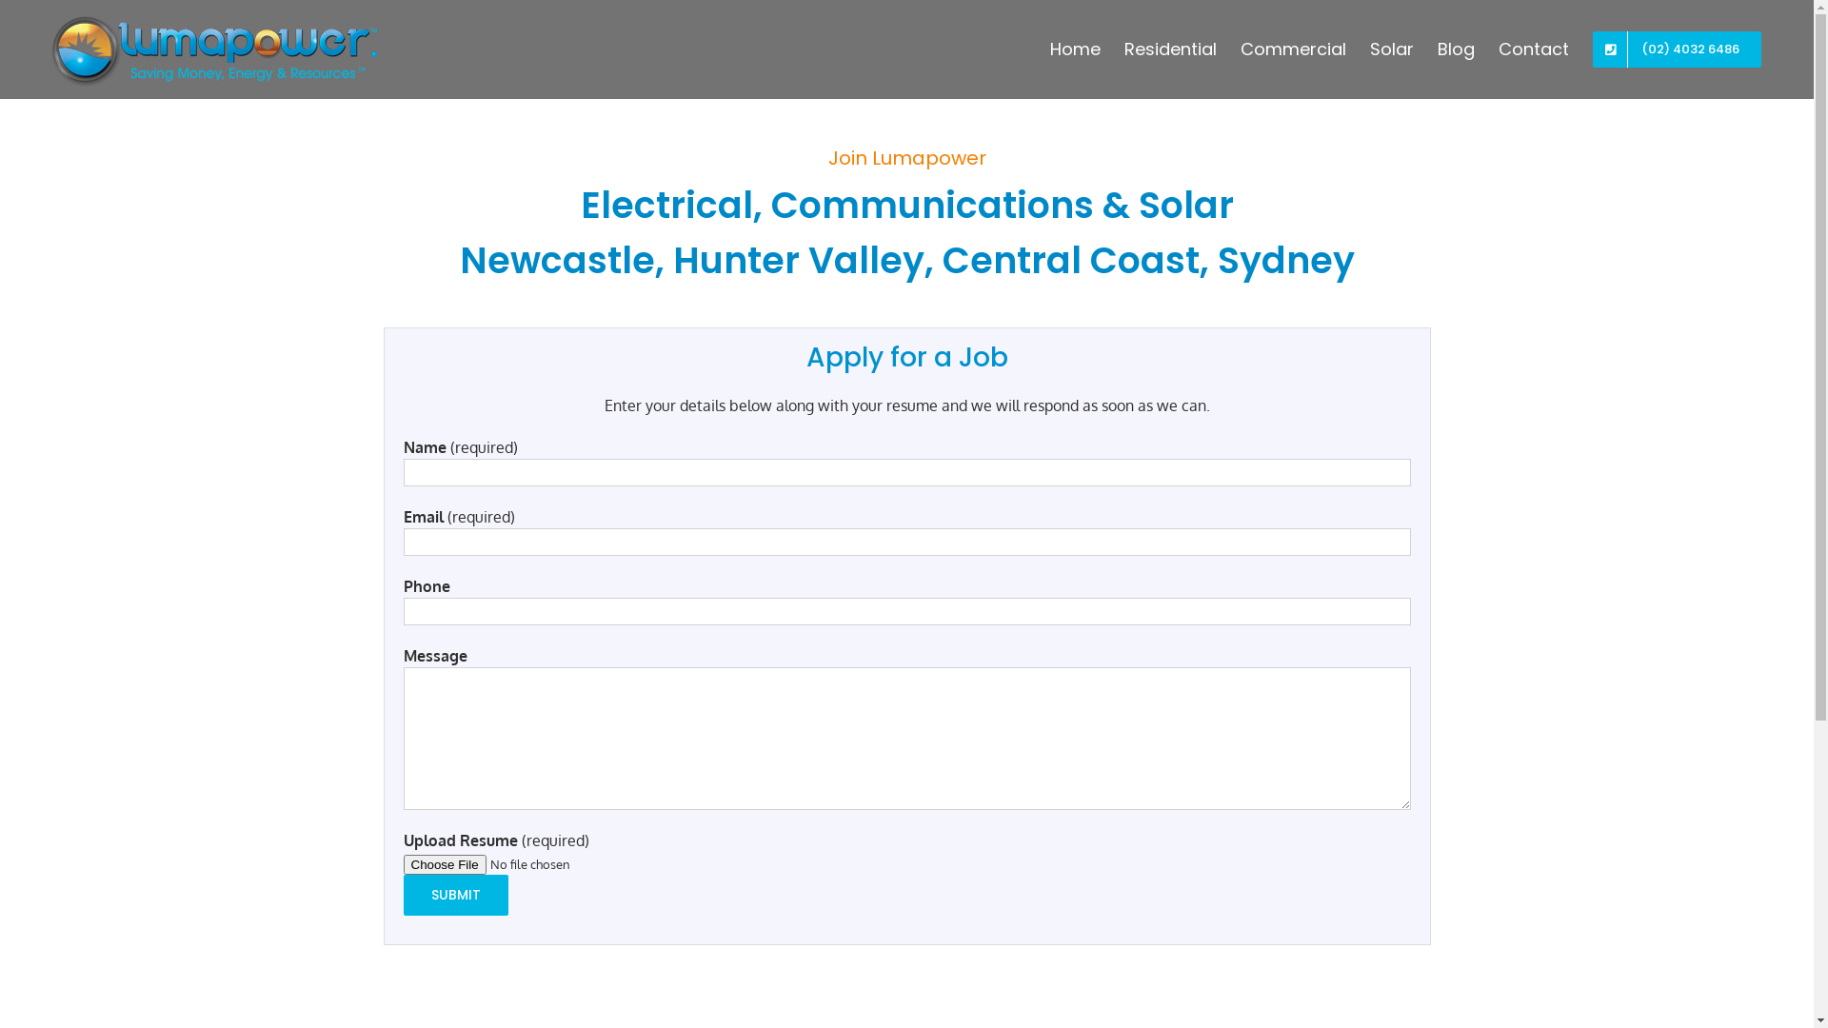 This screenshot has height=1028, width=1828. I want to click on 'Commercial', so click(1293, 48).